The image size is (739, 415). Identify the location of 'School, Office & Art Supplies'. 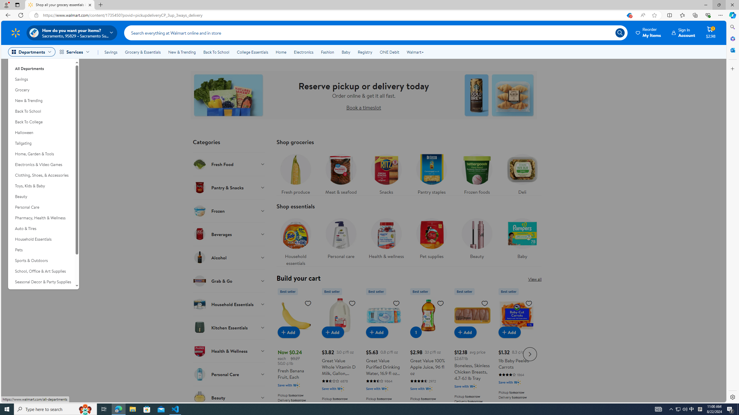
(41, 271).